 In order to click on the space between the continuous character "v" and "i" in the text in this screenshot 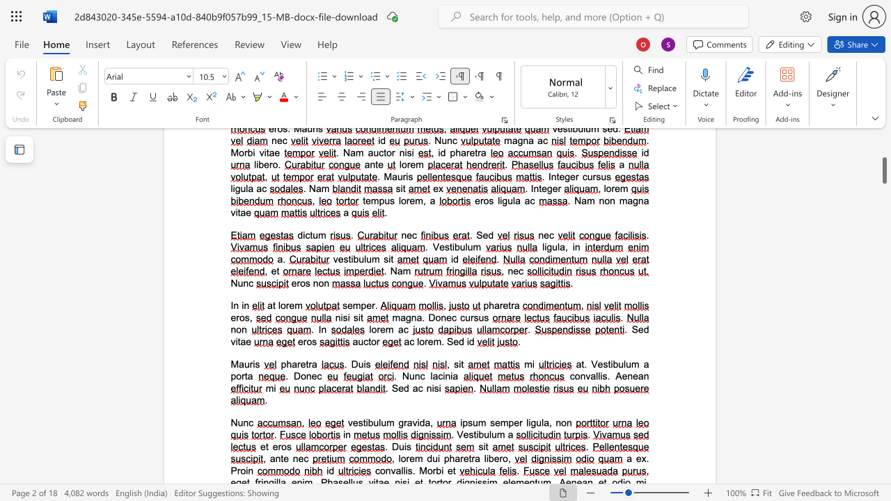, I will do `click(416, 422)`.